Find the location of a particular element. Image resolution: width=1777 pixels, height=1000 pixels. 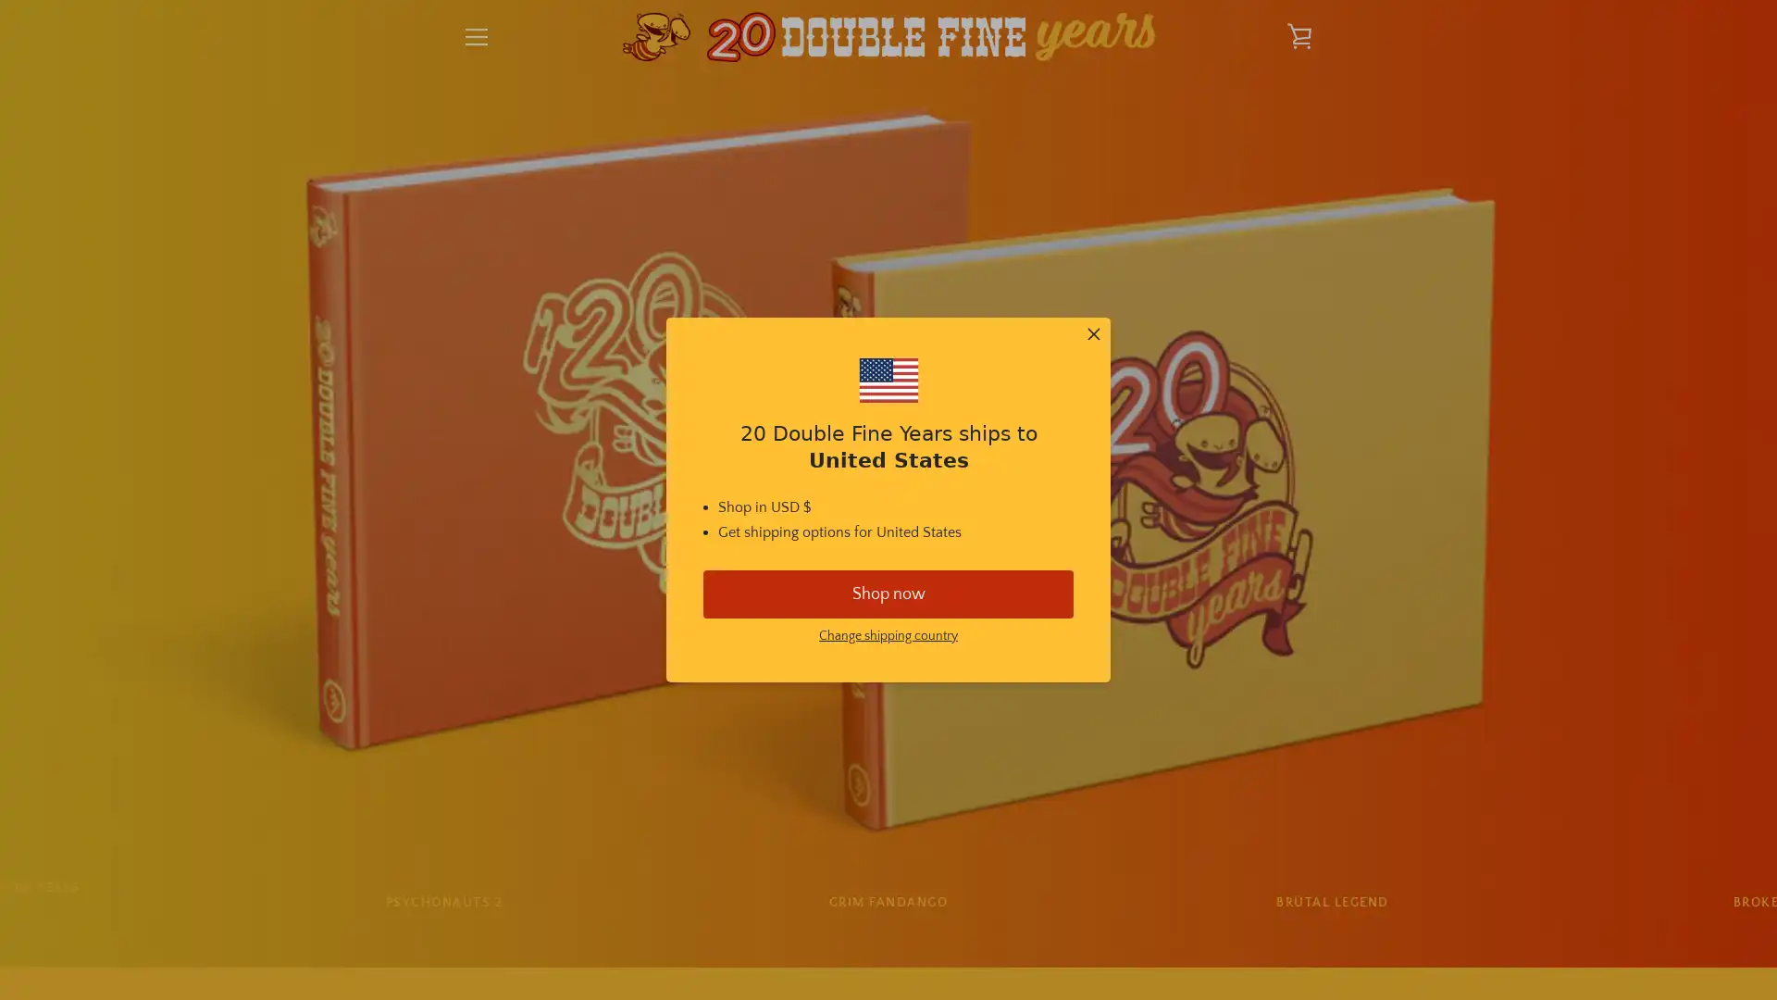

SEARCH AGAIN is located at coordinates (975, 730).